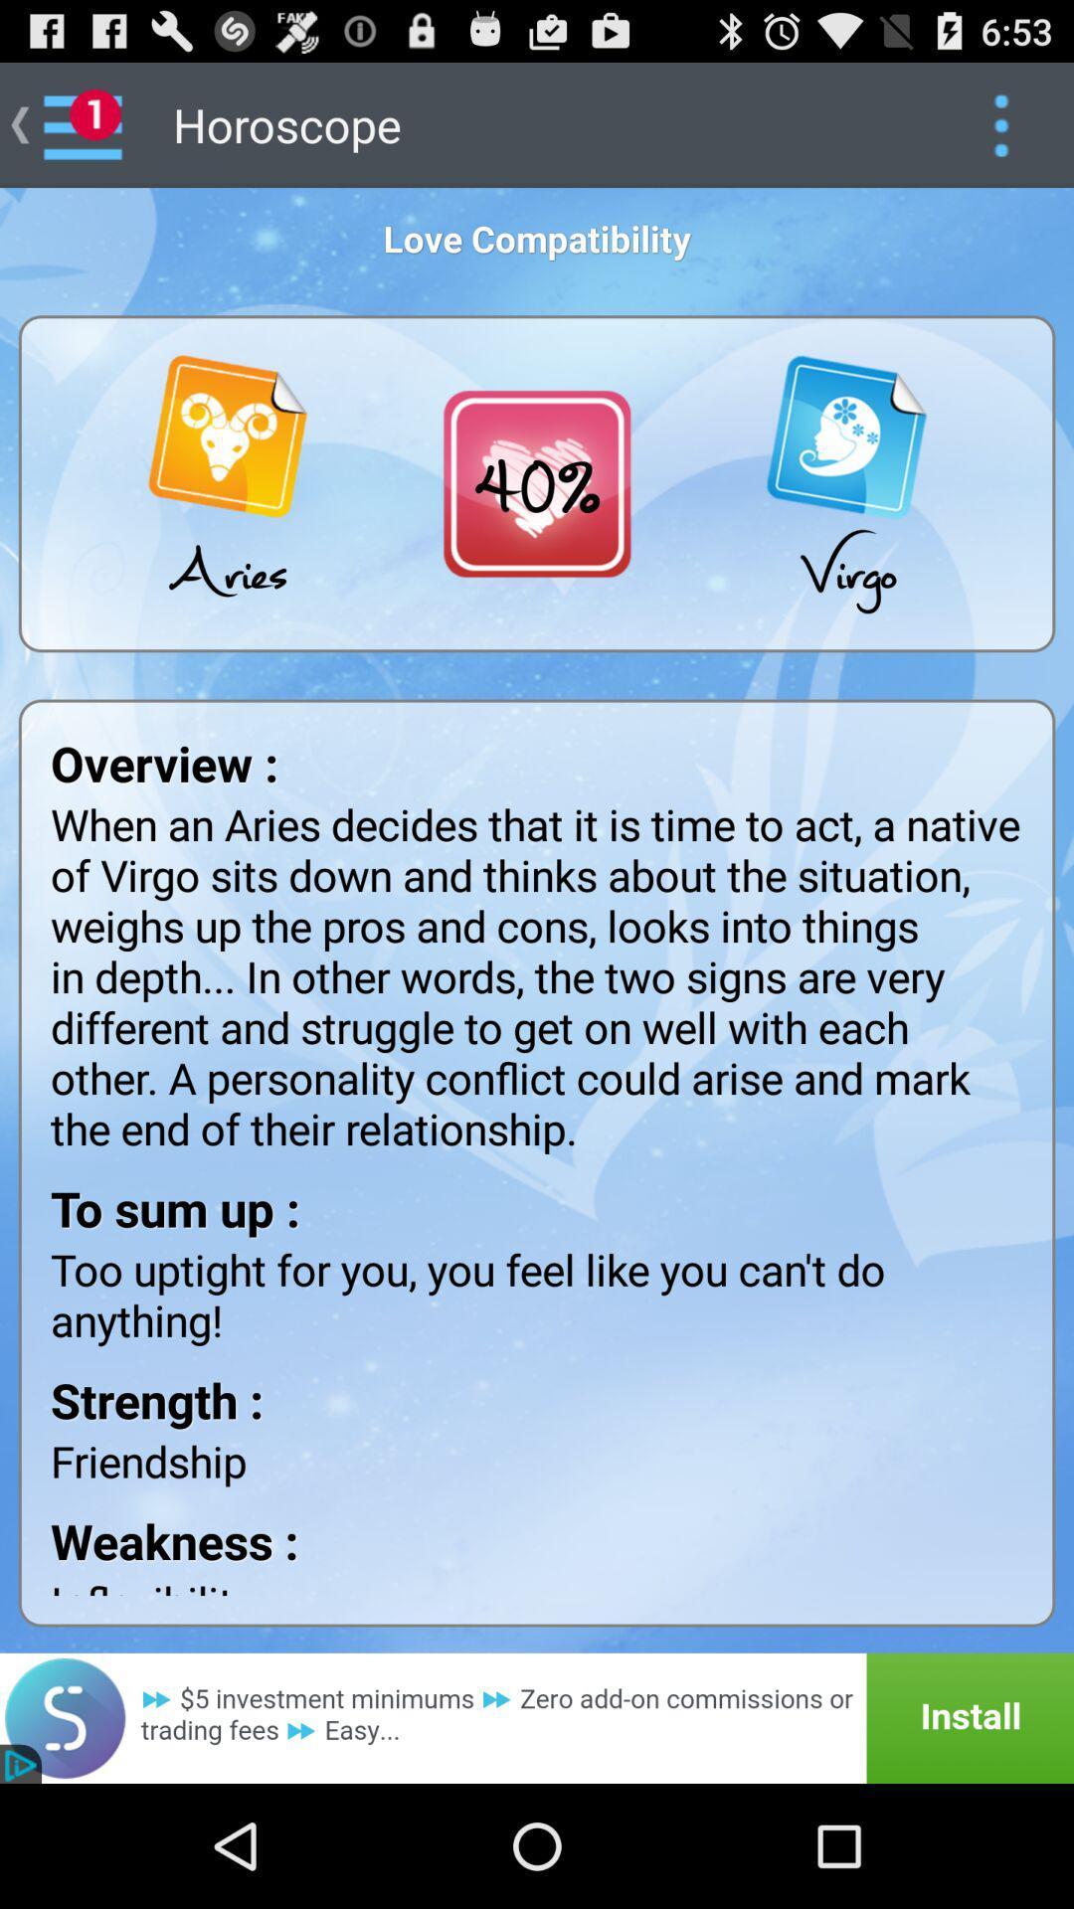 This screenshot has height=1909, width=1074. What do you see at coordinates (537, 1717) in the screenshot?
I see `advertisement` at bounding box center [537, 1717].